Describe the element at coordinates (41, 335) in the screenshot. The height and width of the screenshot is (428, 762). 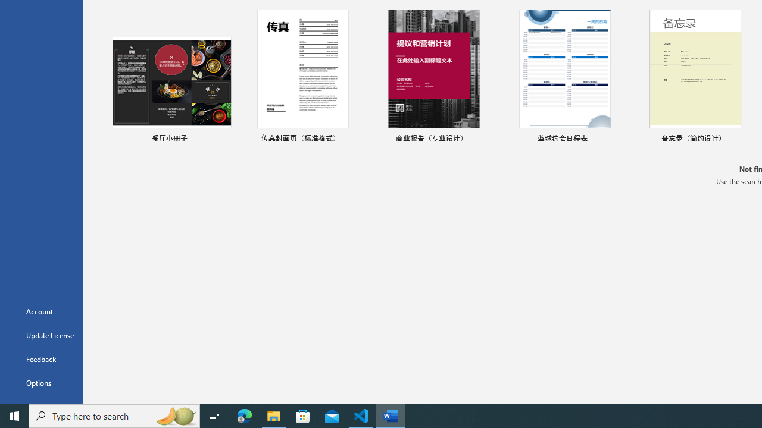
I see `'Update License'` at that location.